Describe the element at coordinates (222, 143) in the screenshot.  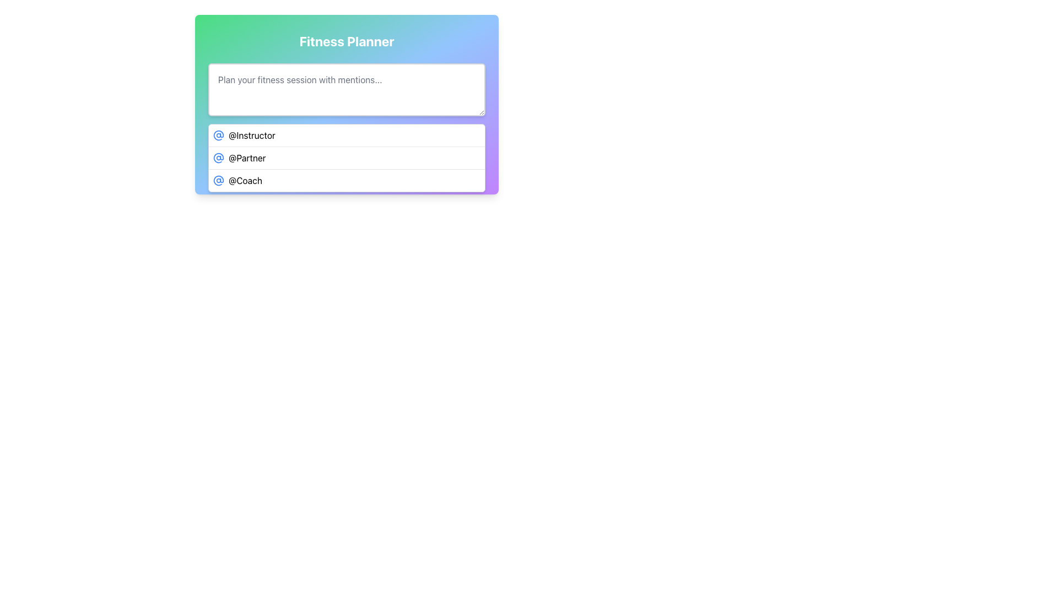
I see `the design of the decorative SVG graphic icon located within the 'Clear' button, which is horizontally centered and positioned near the bottom of its section` at that location.